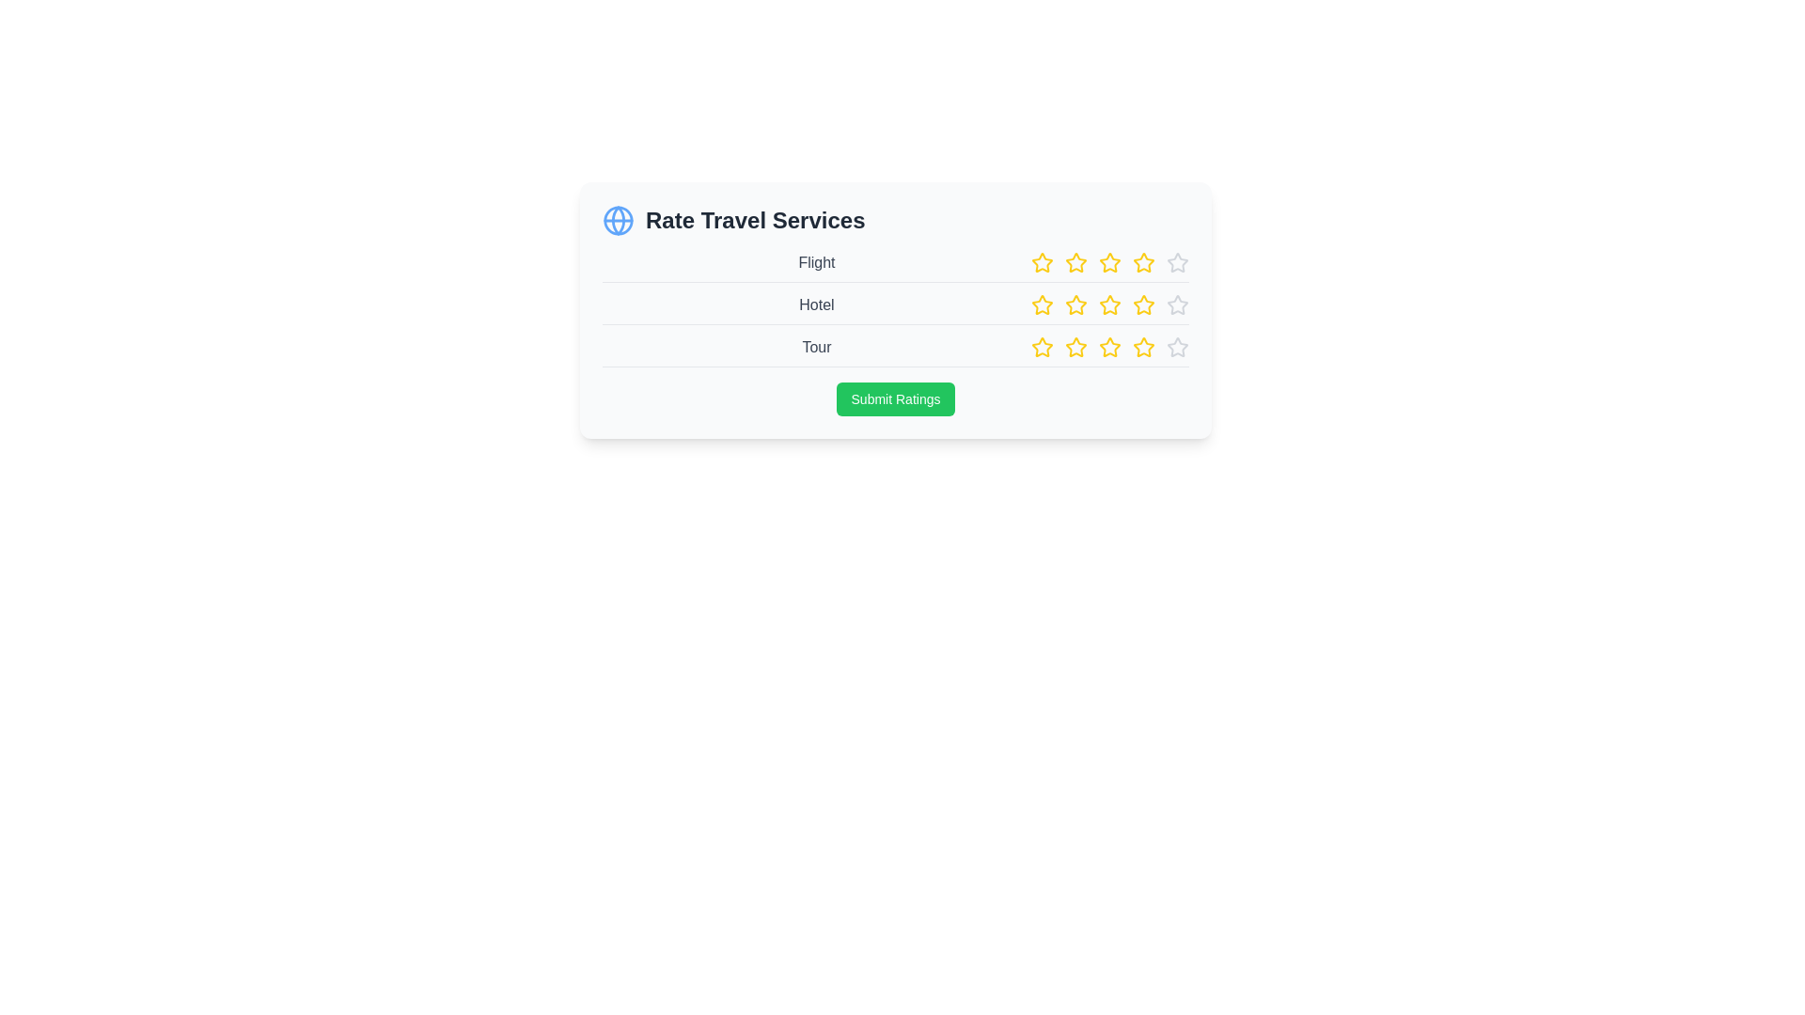 This screenshot has height=1015, width=1805. I want to click on the first star icon in the rating system for 'Flight' in the 'Rate Travel Services' section, so click(1041, 263).